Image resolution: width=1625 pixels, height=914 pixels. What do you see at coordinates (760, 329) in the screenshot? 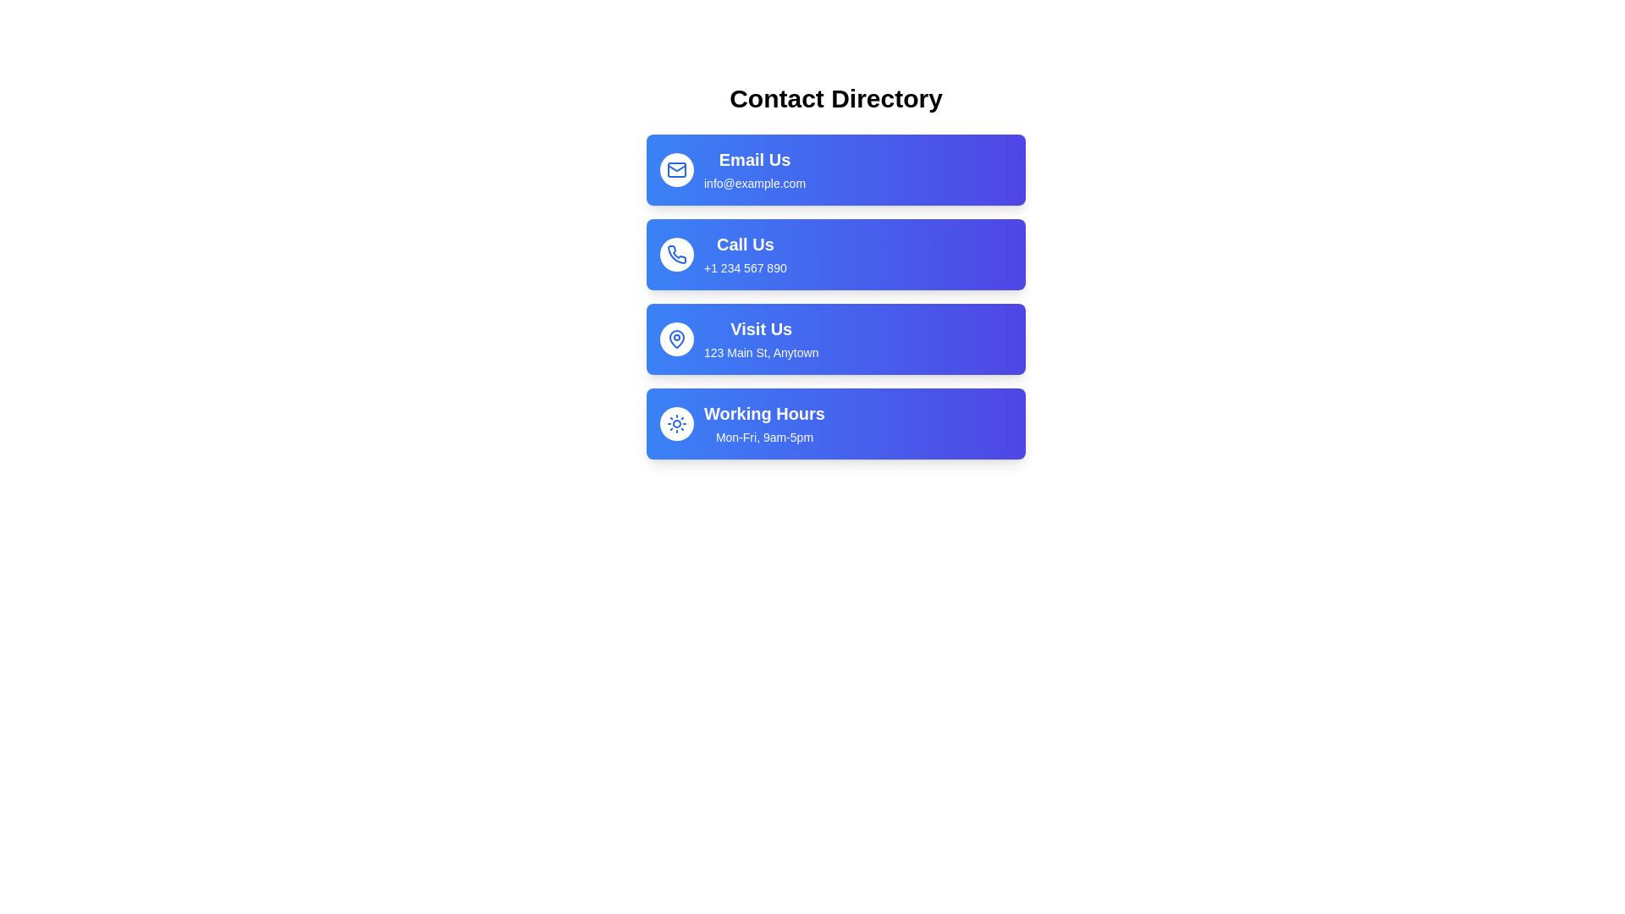
I see `the 'Visit Us' text label, which is styled in bold, large white font on a blue background, located in the third item of the contact methods list` at bounding box center [760, 329].